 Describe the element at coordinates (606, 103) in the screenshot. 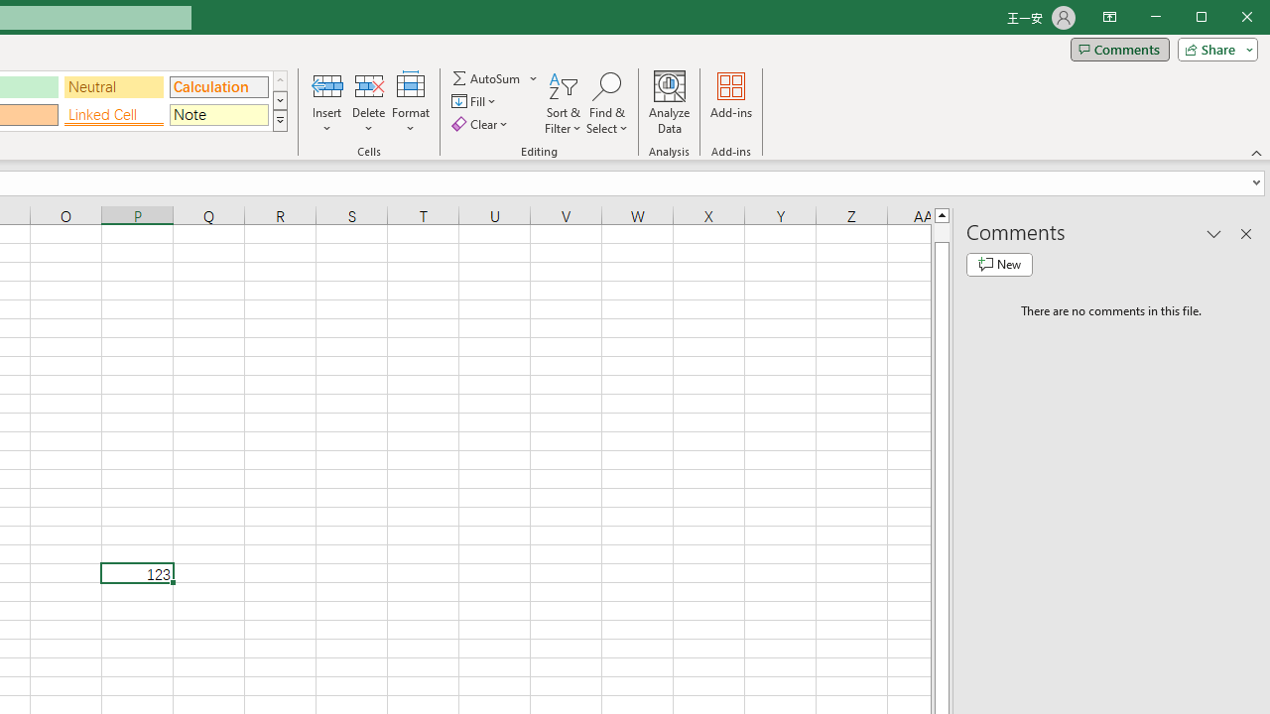

I see `'Find & Select'` at that location.